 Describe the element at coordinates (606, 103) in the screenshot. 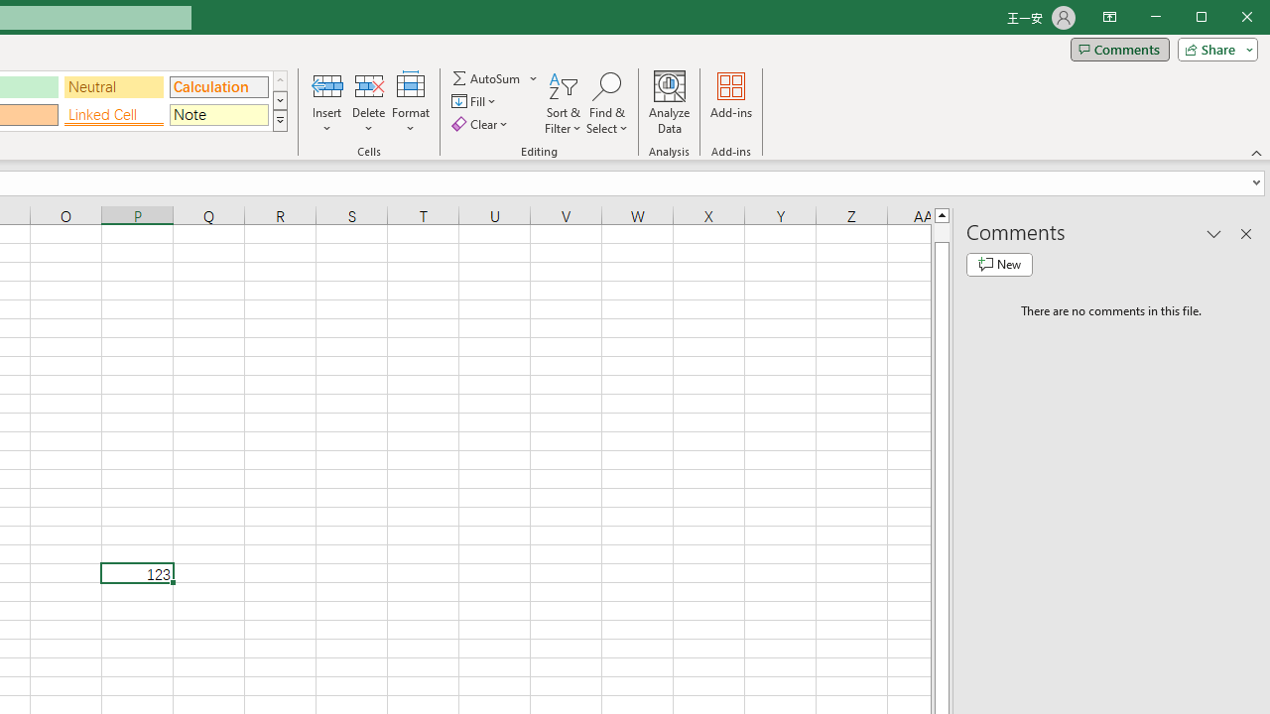

I see `'Find & Select'` at that location.